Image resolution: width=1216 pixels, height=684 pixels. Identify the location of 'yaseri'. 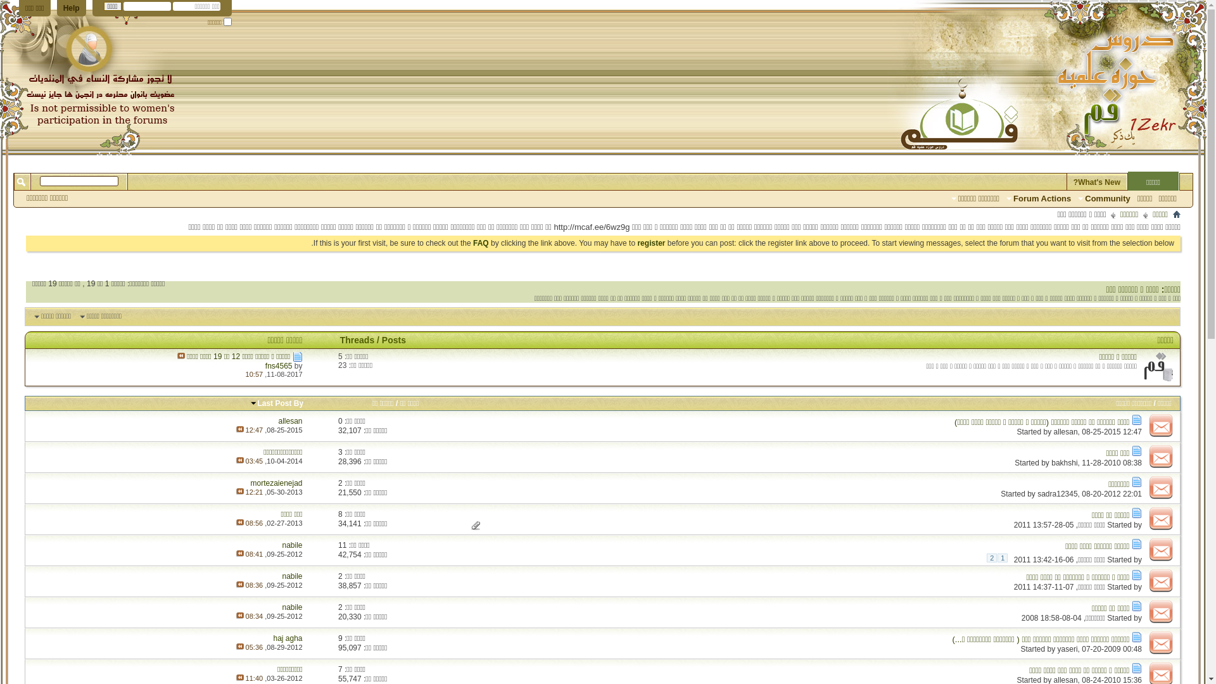
(1067, 649).